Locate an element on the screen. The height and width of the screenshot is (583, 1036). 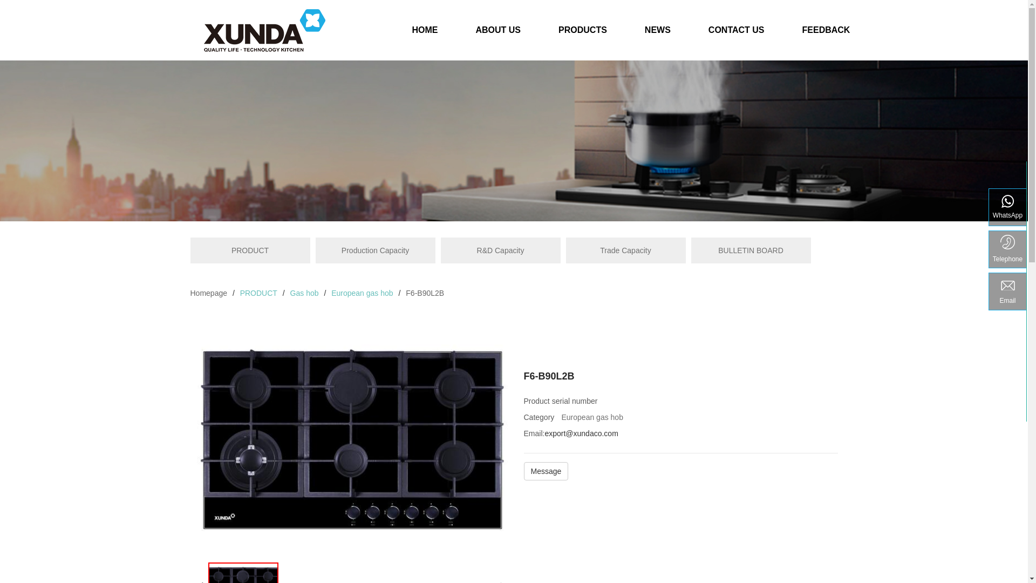
'Trade Capacity' is located at coordinates (625, 250).